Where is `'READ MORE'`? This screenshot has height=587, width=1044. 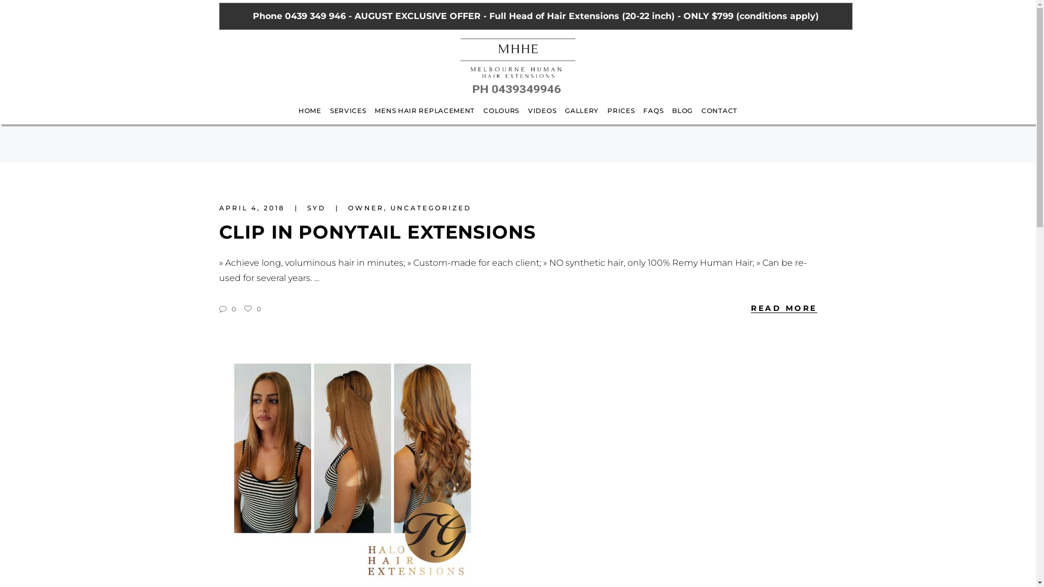 'READ MORE' is located at coordinates (784, 308).